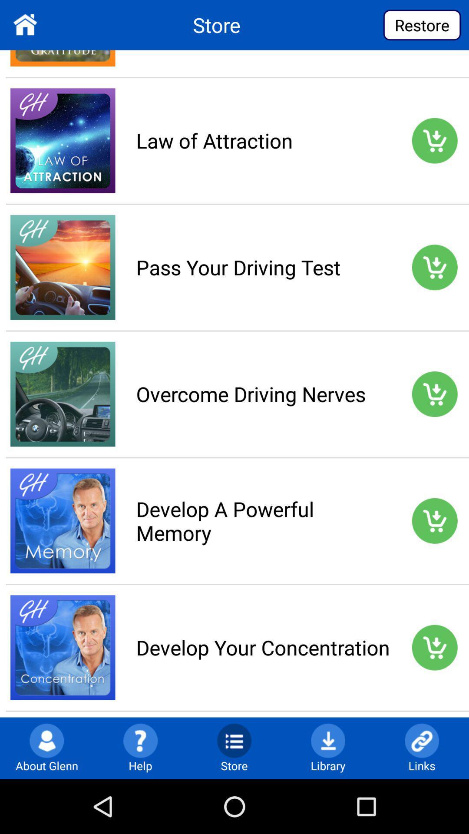 Image resolution: width=469 pixels, height=834 pixels. I want to click on the pass your driving app, so click(262, 267).